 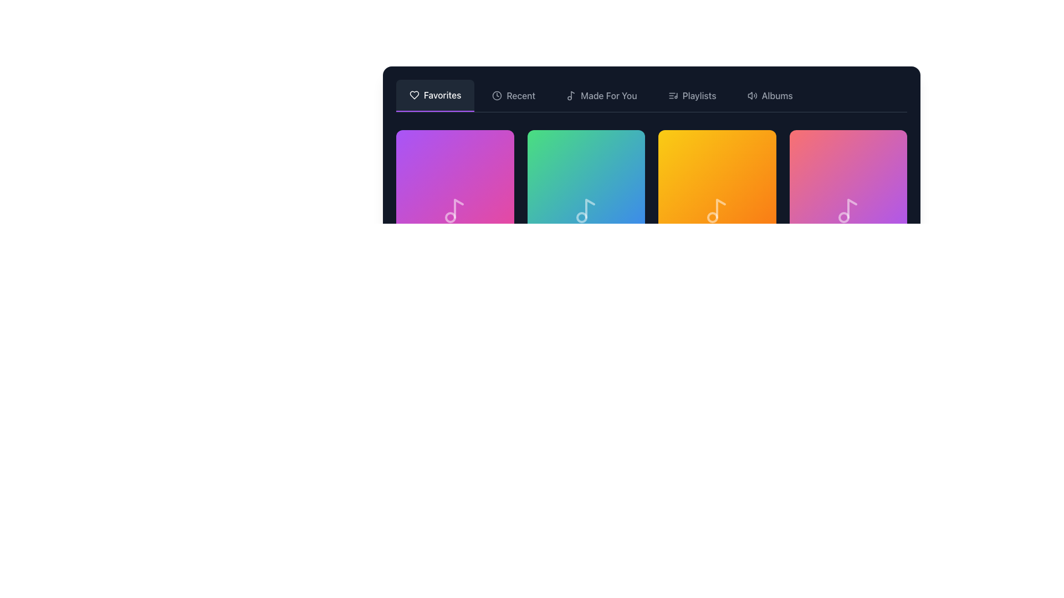 What do you see at coordinates (847, 211) in the screenshot?
I see `the musical note icon located inside the last card on the right in a horizontal row of colorful cards` at bounding box center [847, 211].